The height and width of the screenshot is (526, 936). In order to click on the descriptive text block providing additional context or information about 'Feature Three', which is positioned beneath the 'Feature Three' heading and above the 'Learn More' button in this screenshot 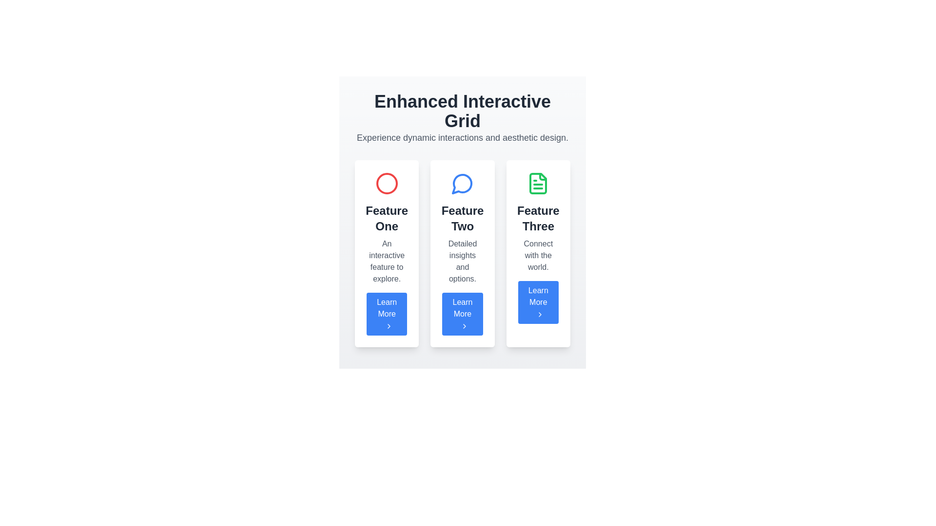, I will do `click(538, 255)`.